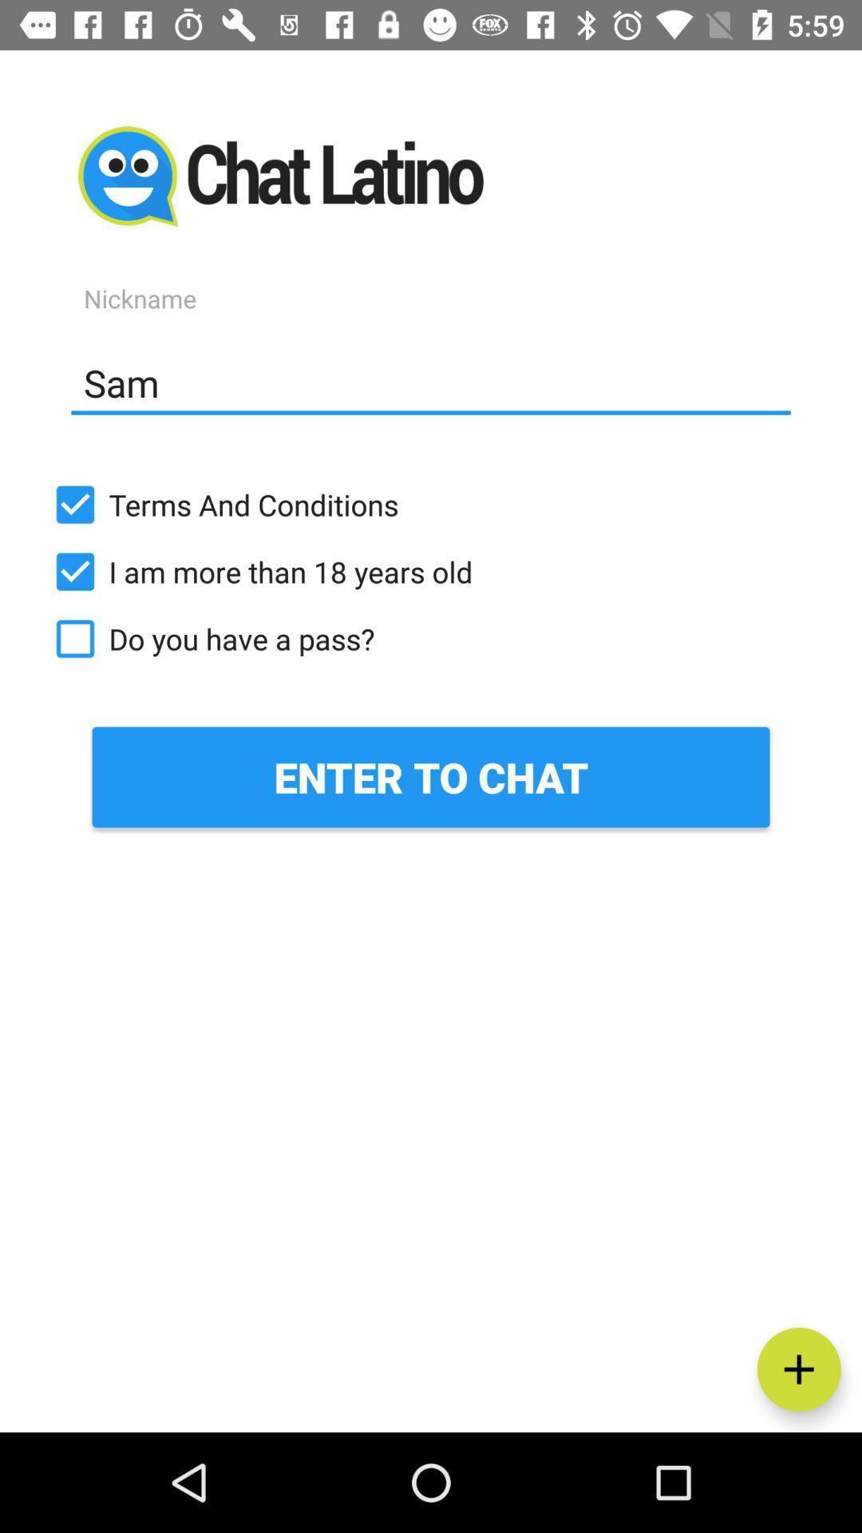 This screenshot has height=1533, width=862. I want to click on the icon above the enter to chat, so click(431, 639).